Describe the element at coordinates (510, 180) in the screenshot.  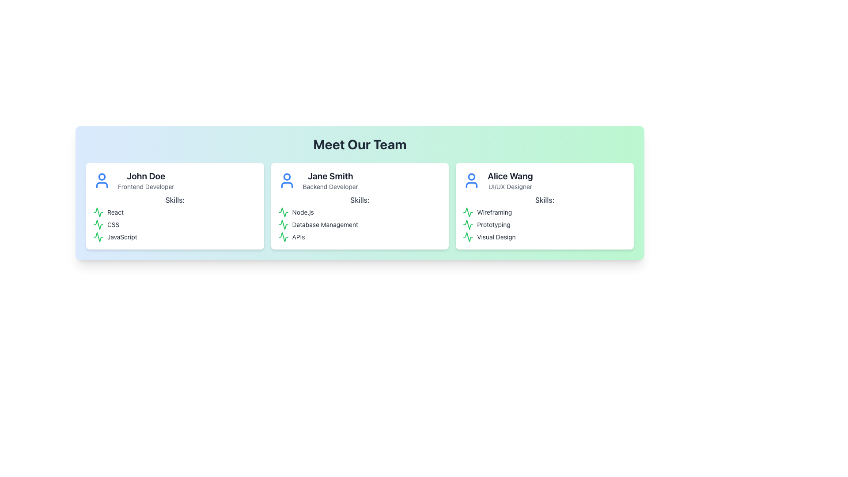
I see `information displayed in the Text Label element containing the name 'Alice Wang' and the title 'UI/UX Designer', located in the rightmost card under 'Meet Our Team'` at that location.